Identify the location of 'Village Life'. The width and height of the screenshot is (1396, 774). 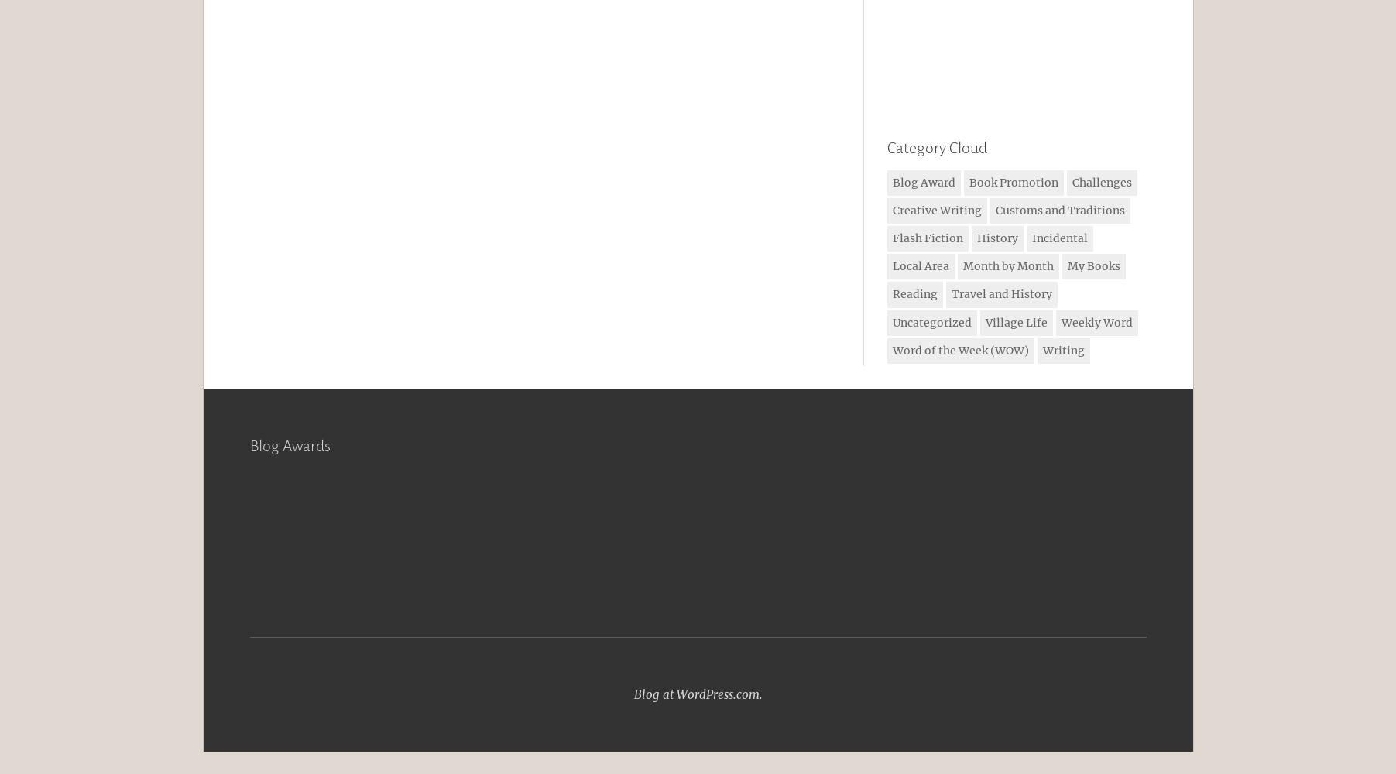
(1015, 322).